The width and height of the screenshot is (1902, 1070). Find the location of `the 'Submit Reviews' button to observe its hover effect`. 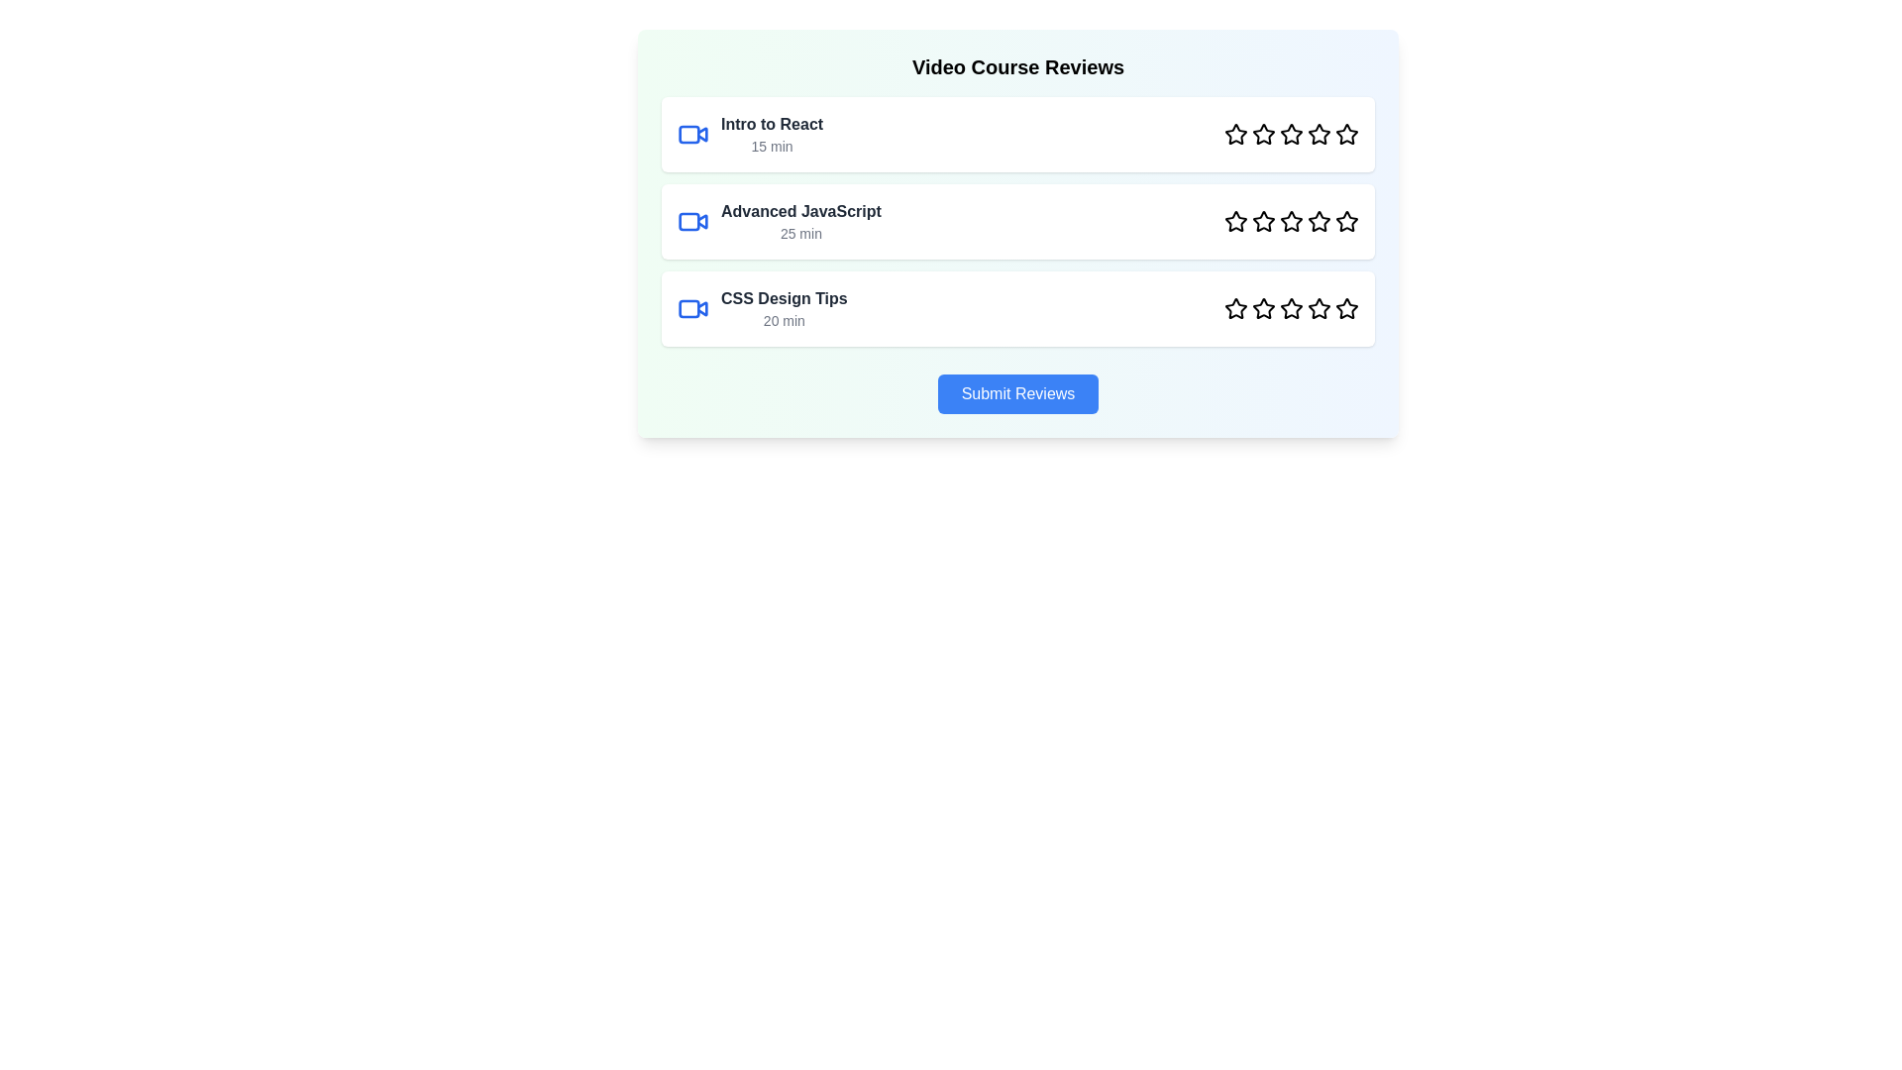

the 'Submit Reviews' button to observe its hover effect is located at coordinates (1017, 393).